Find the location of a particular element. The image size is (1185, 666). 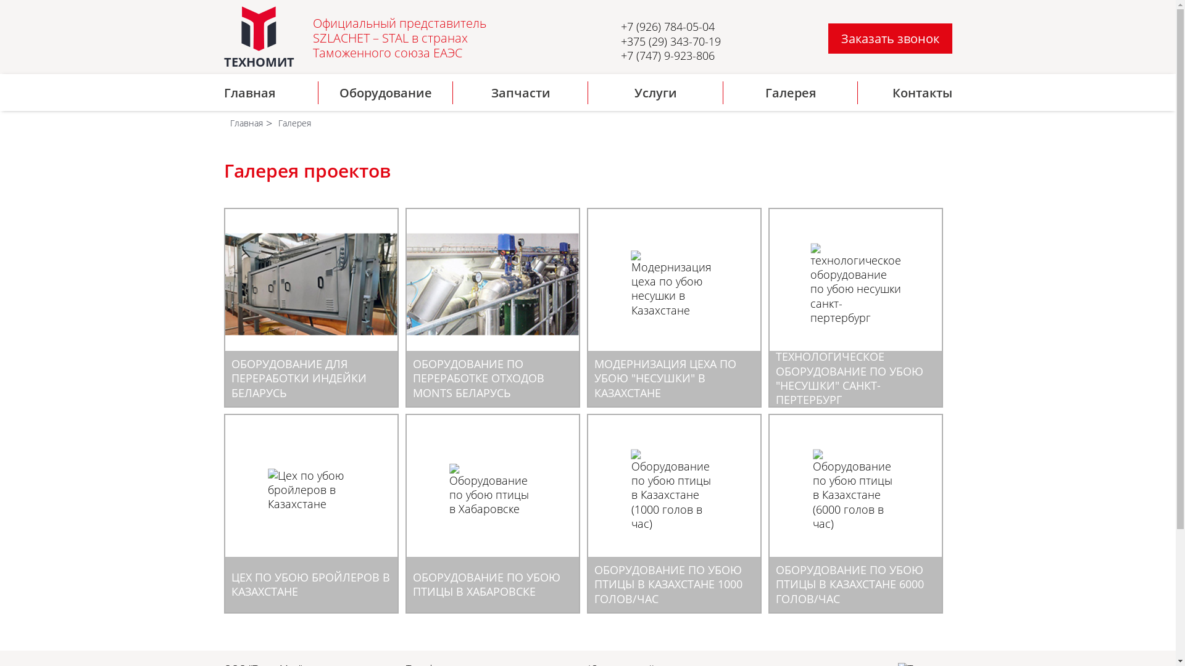

'+7 (747) 9-923-806' is located at coordinates (667, 54).